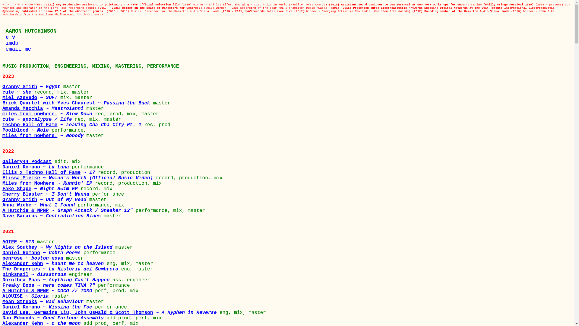 The height and width of the screenshot is (326, 579). What do you see at coordinates (2, 248) in the screenshot?
I see `'Alex Southey ~ My Nights on the Island'` at bounding box center [2, 248].